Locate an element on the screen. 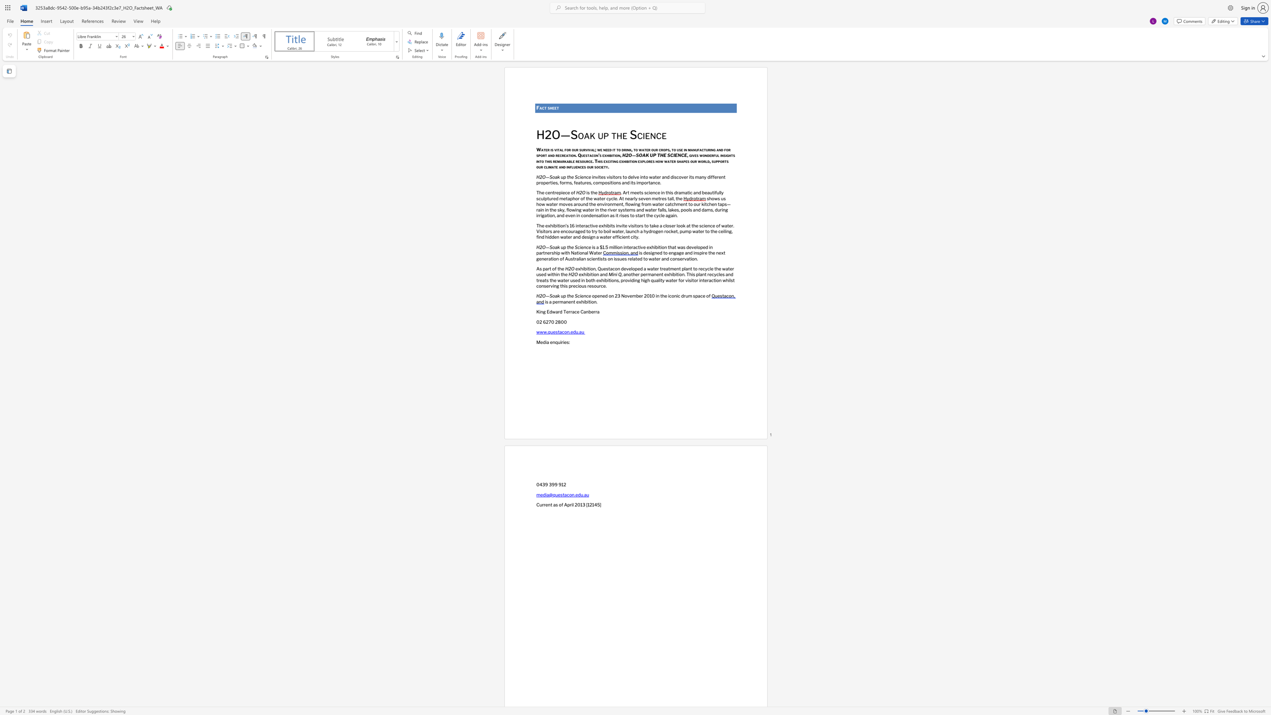  the space between the continuous character "x" and "h" in the text is located at coordinates (606, 155).